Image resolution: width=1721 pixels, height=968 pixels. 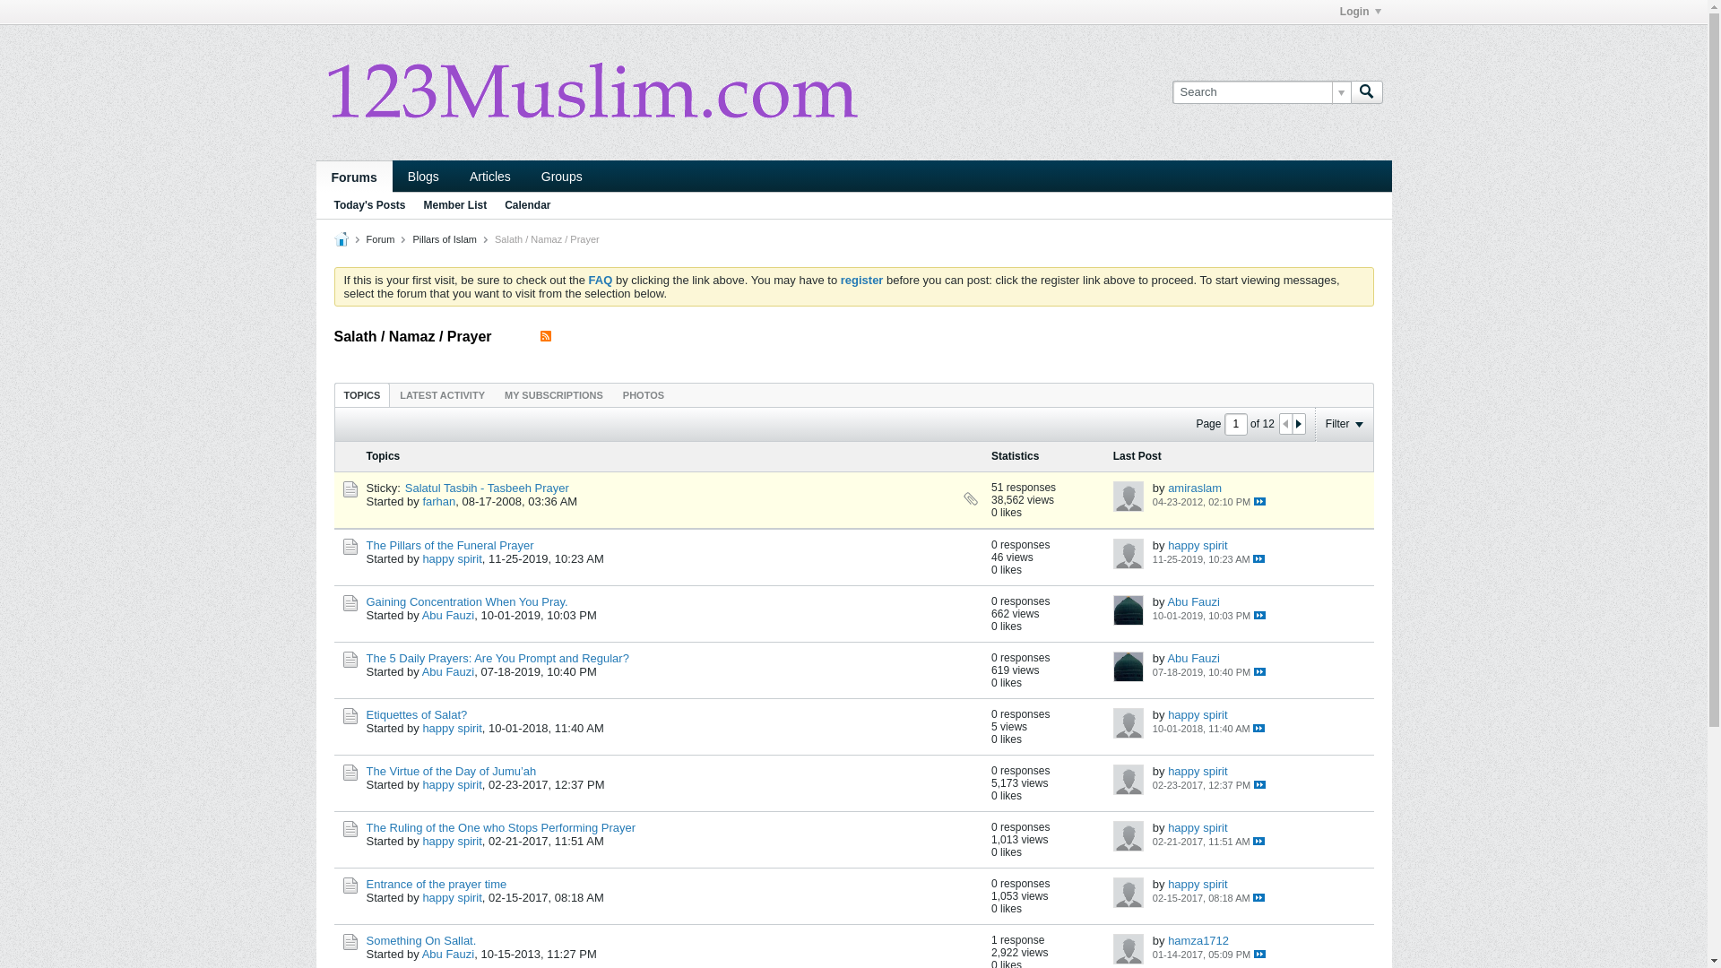 I want to click on 'Home', so click(x=340, y=238).